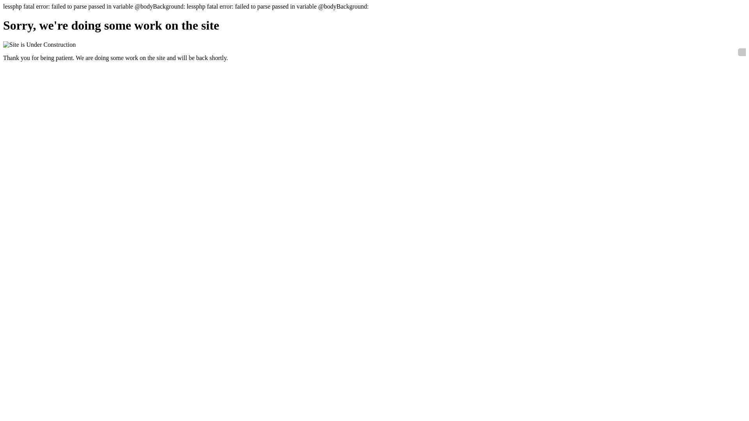 The width and height of the screenshot is (749, 421). Describe the element at coordinates (39, 45) in the screenshot. I see `'Site is Under Construction'` at that location.